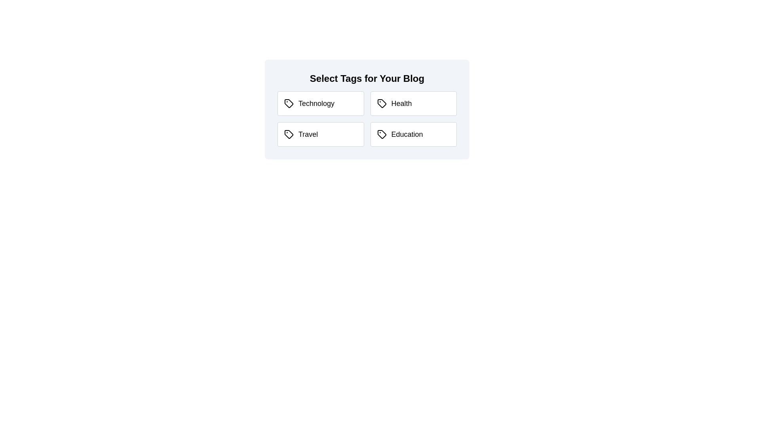 The width and height of the screenshot is (760, 427). What do you see at coordinates (413, 134) in the screenshot?
I see `the tag Education to toggle its selection state` at bounding box center [413, 134].